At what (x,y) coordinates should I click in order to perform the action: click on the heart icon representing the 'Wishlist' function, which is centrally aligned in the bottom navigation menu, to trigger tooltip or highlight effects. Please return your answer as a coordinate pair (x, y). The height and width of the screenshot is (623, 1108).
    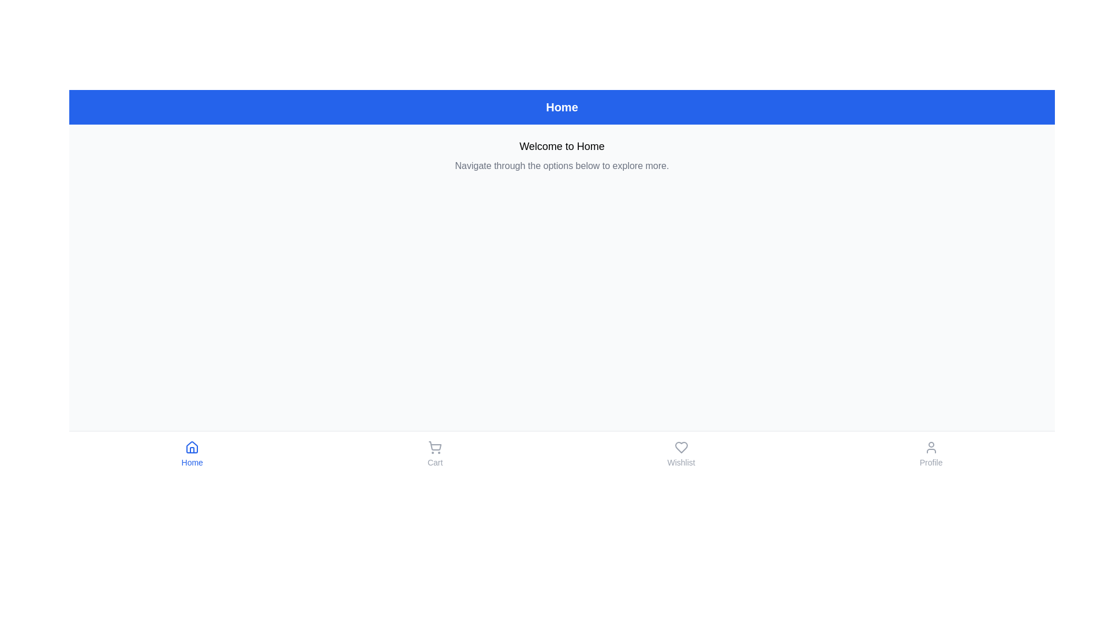
    Looking at the image, I should click on (681, 446).